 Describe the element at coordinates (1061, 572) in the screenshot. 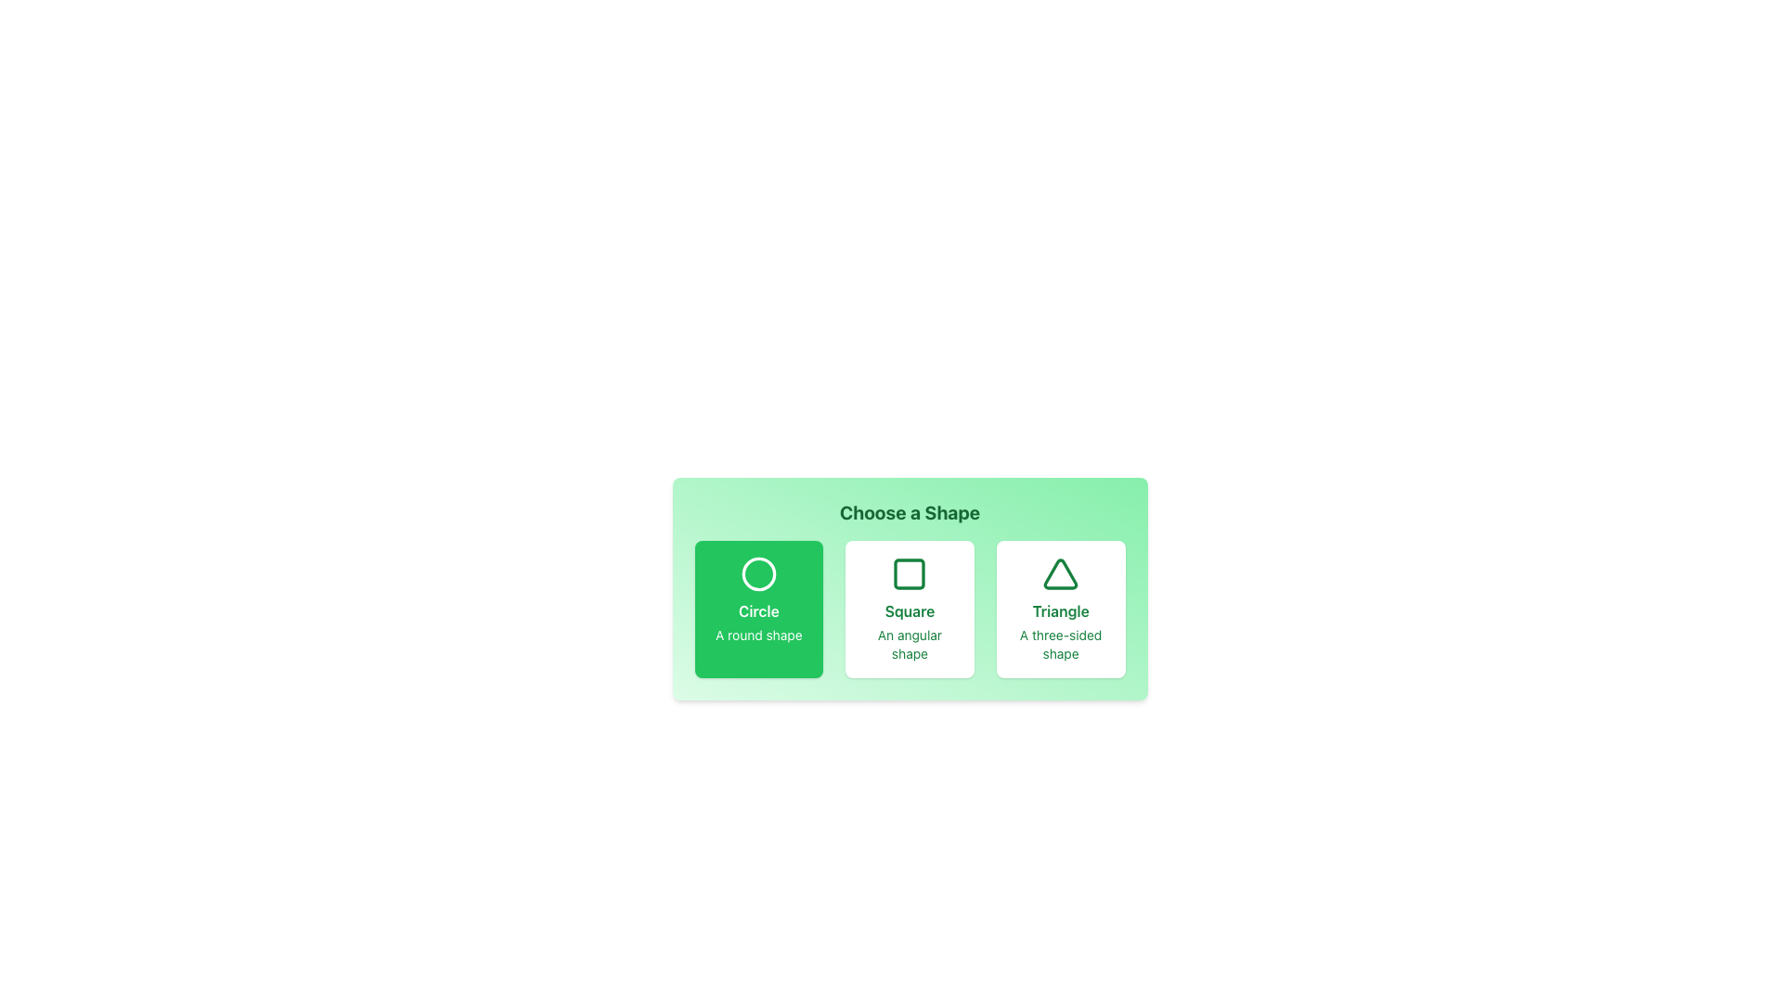

I see `the SVG Icon - Triangle shape which represents the 'Triangle' choice option located inside the third choice box from the left in a horizontal layout of three shape options` at that location.